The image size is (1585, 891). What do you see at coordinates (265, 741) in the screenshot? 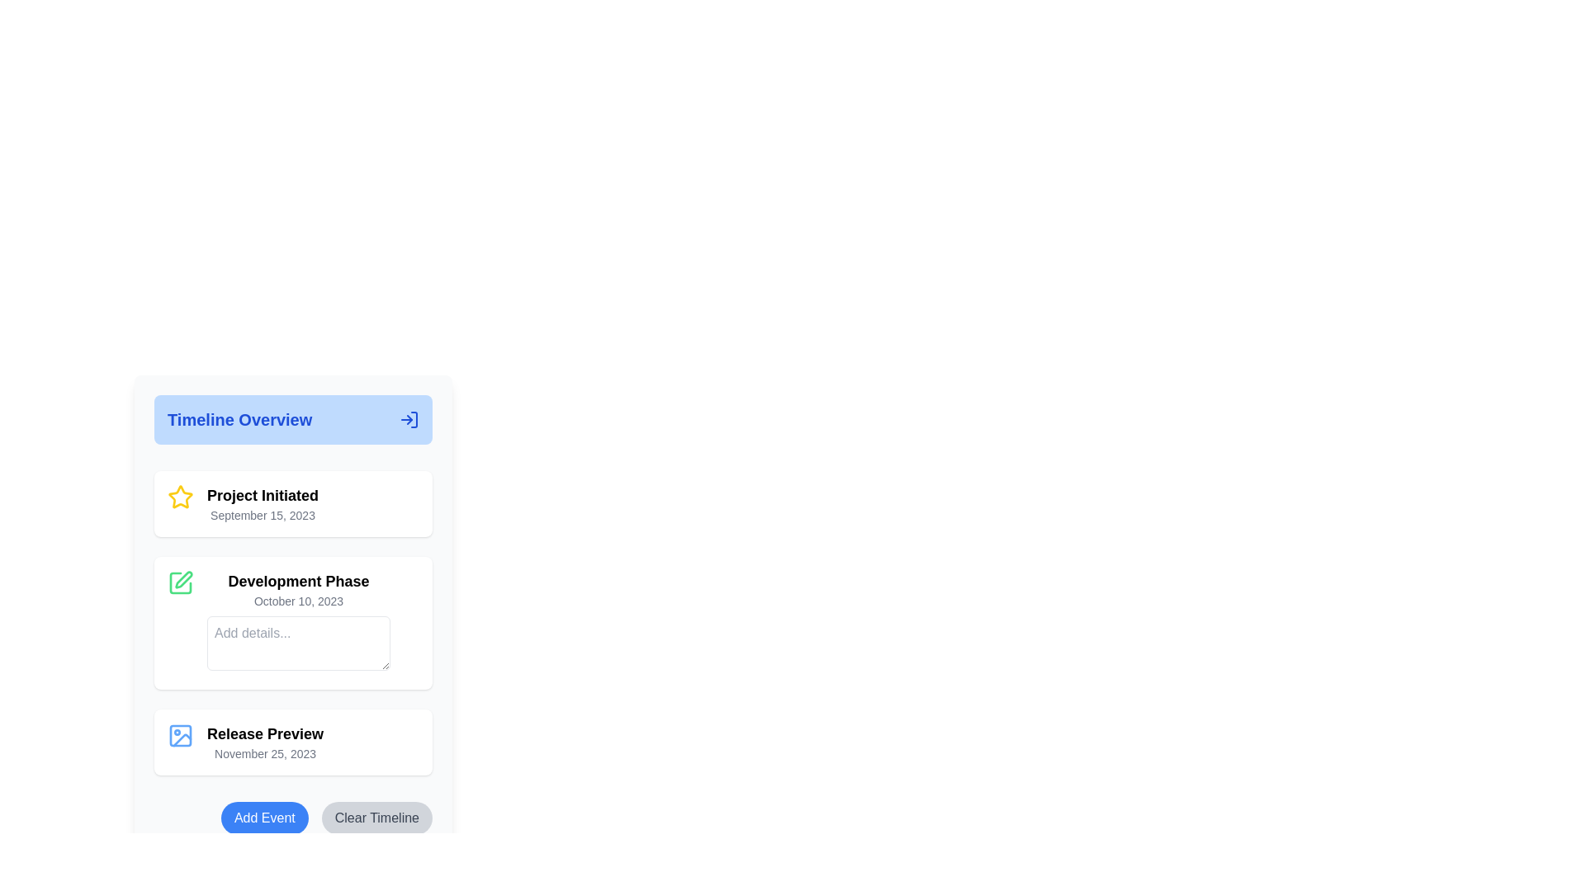
I see `the Text Display Group that shows the 'Release Preview' timeline event at the bottom of the 'Timeline Overview' panel by moving the cursor to it` at bounding box center [265, 741].